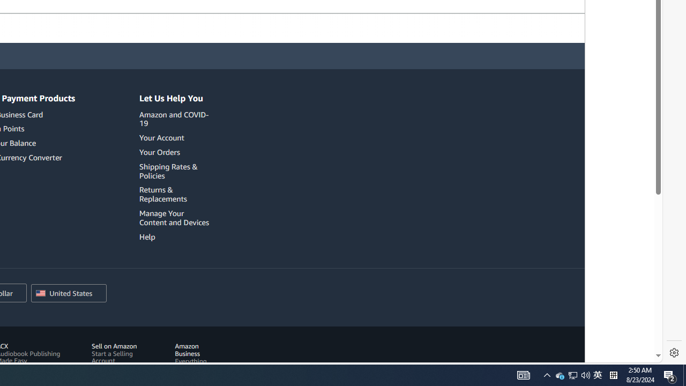 This screenshot has height=386, width=686. Describe the element at coordinates (176, 137) in the screenshot. I see `'Your Account'` at that location.